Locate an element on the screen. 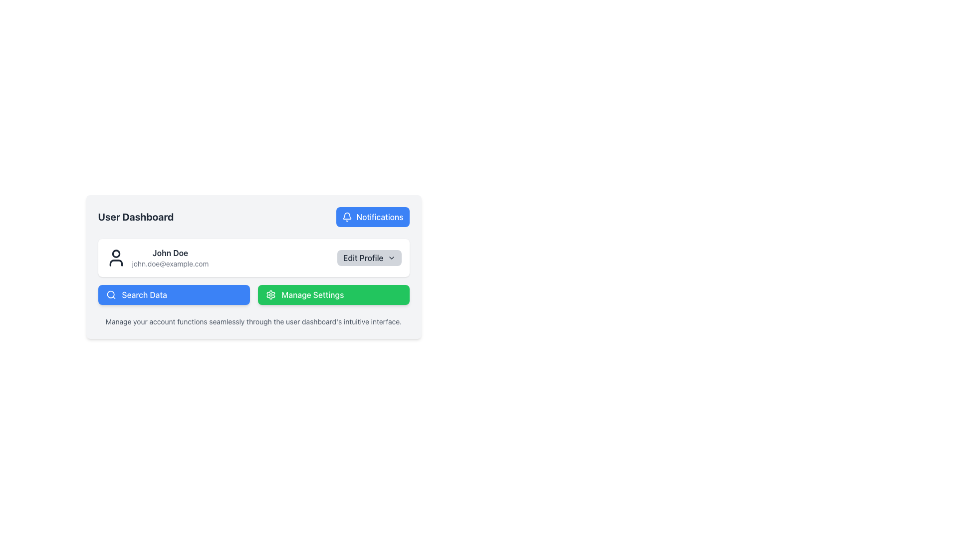  the email label displaying 'john.doe@example.com' in the user profile section, located beneath the text 'John Doe' is located at coordinates (170, 263).